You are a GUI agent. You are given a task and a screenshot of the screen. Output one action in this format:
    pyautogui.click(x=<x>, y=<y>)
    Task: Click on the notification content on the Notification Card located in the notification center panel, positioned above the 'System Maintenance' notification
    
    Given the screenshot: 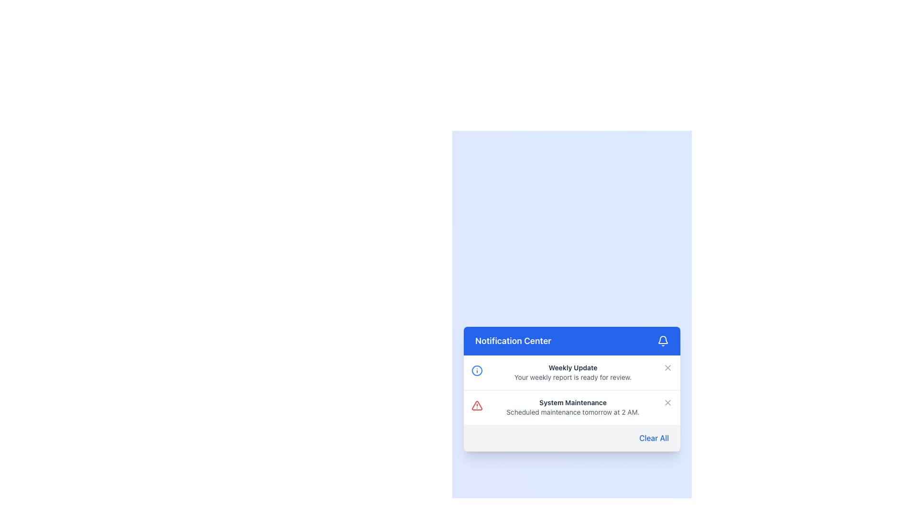 What is the action you would take?
    pyautogui.click(x=572, y=372)
    